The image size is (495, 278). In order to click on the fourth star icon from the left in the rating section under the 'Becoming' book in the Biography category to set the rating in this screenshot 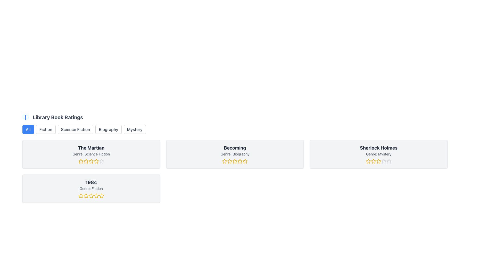, I will do `click(235, 161)`.